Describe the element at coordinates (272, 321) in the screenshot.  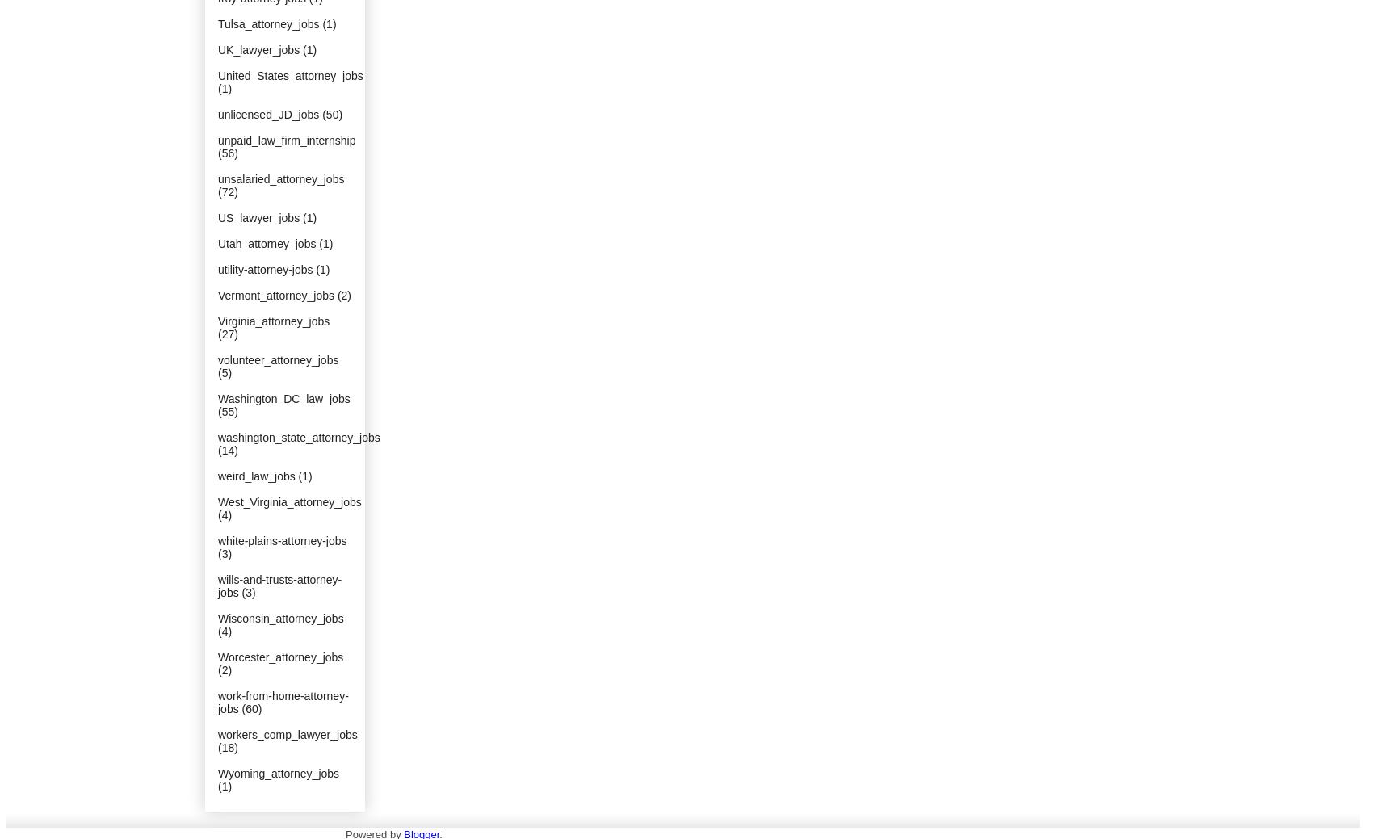
I see `'Virginia_attorney_jobs'` at that location.